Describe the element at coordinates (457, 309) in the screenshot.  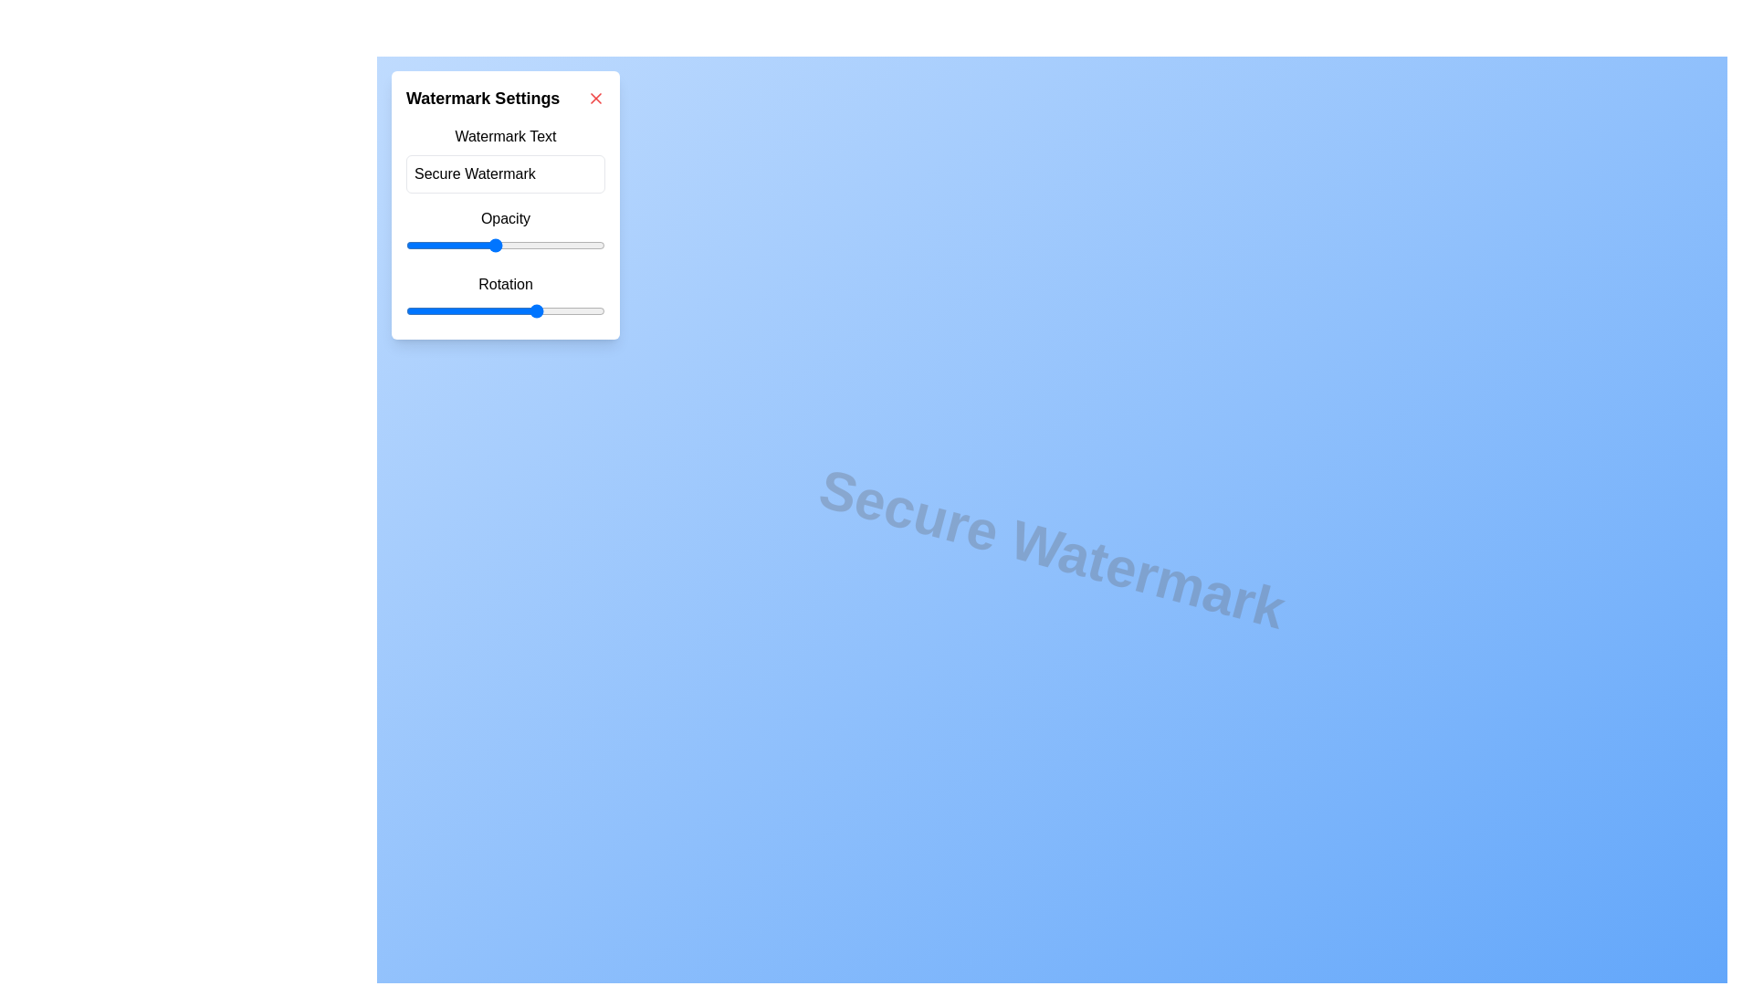
I see `the rotation` at that location.